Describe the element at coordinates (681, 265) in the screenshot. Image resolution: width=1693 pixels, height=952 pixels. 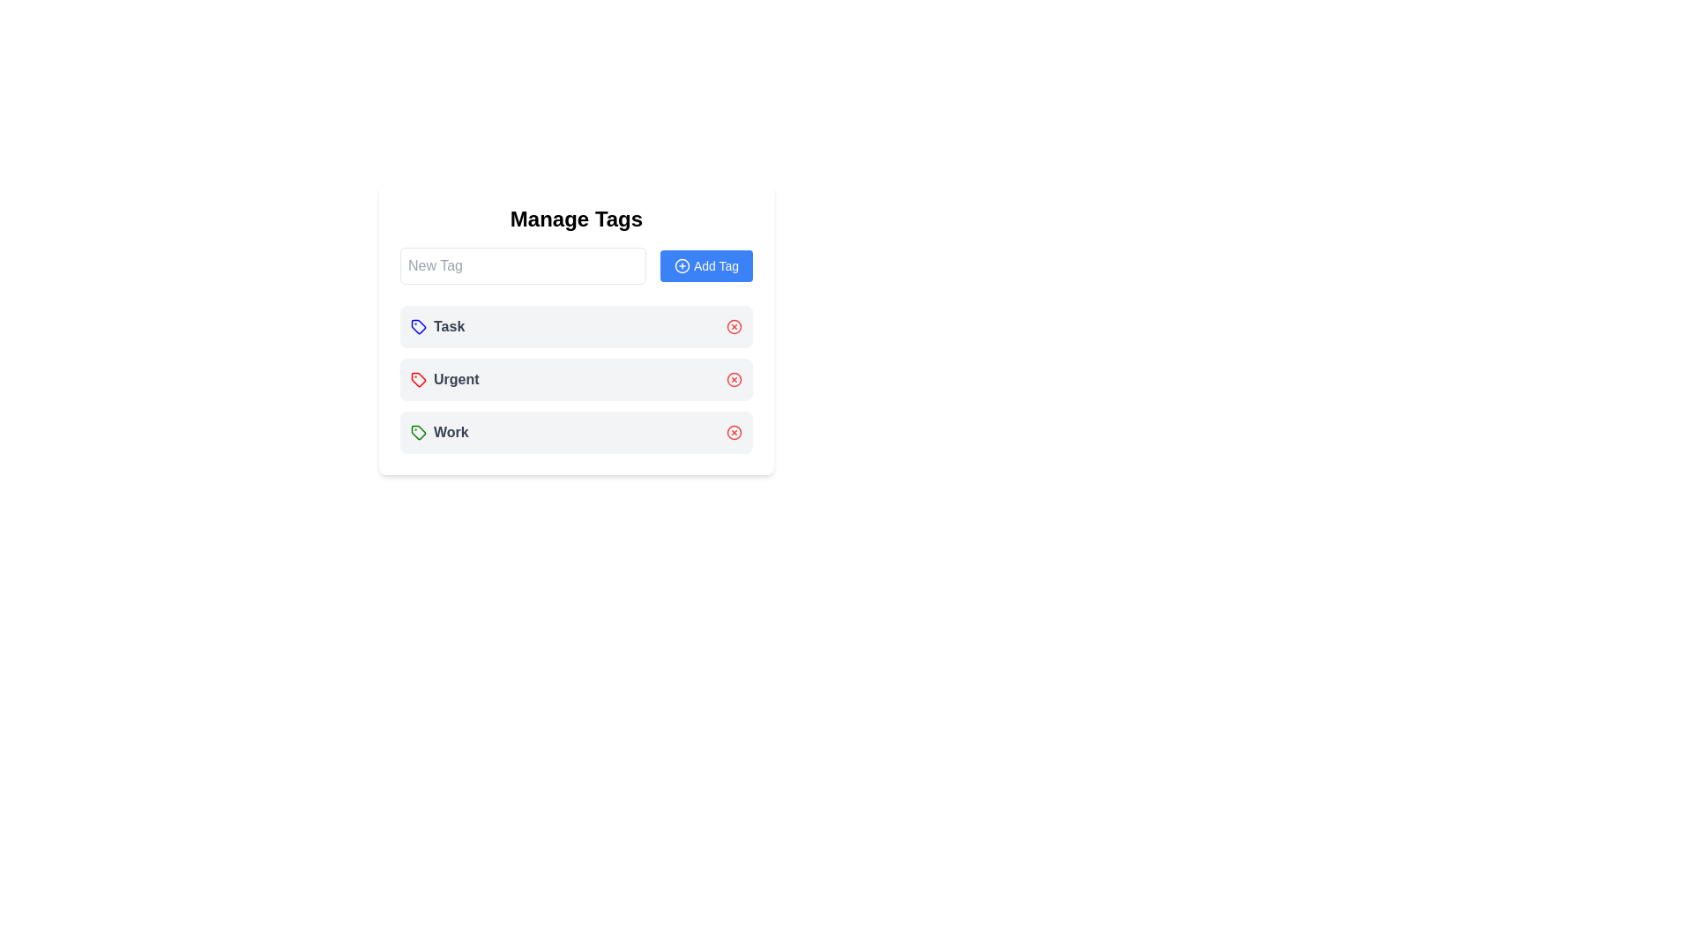
I see `the blue button labeled 'Add Tag' which contains a small circular icon with a plus sign inside` at that location.